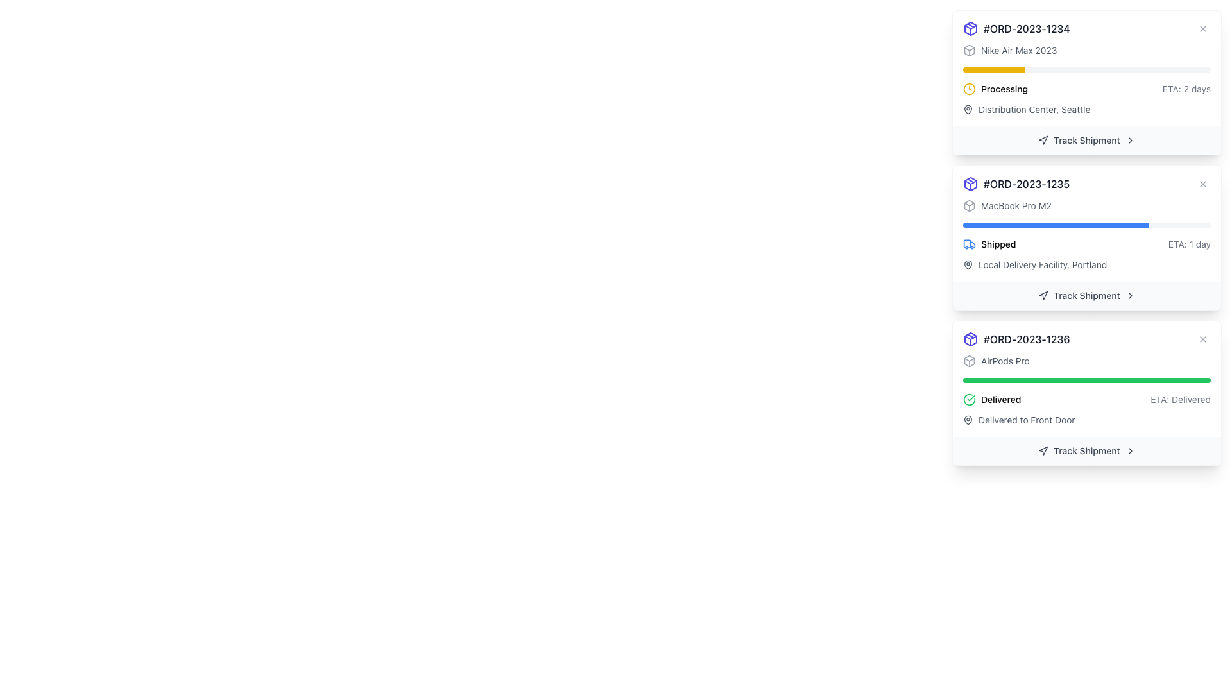  I want to click on text from the unique identifier label for the order, located in the top portion of the second order card, to the right of a small purple package icon, so click(1027, 184).